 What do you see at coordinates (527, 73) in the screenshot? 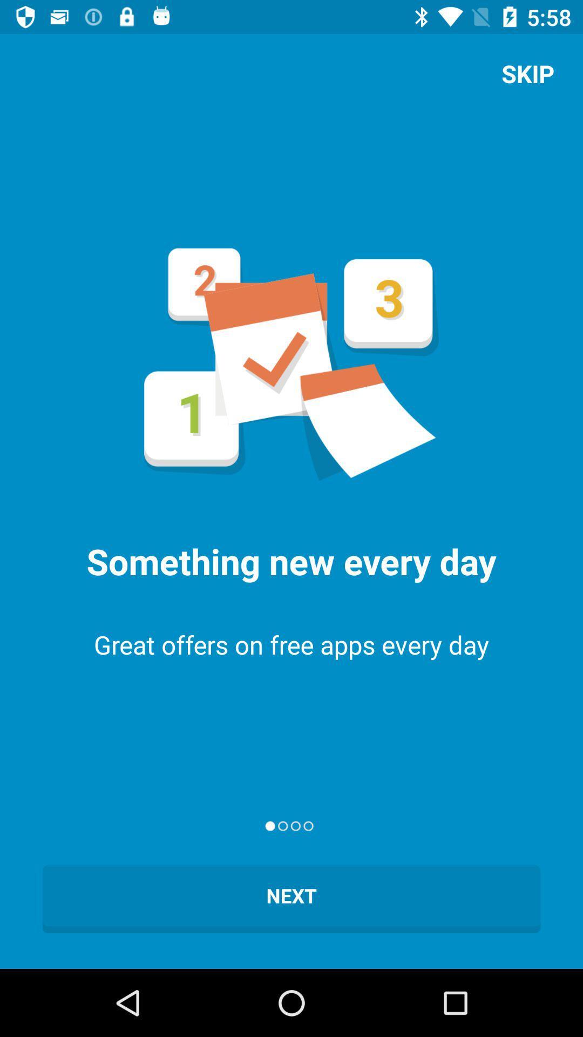
I see `app at the top right corner` at bounding box center [527, 73].